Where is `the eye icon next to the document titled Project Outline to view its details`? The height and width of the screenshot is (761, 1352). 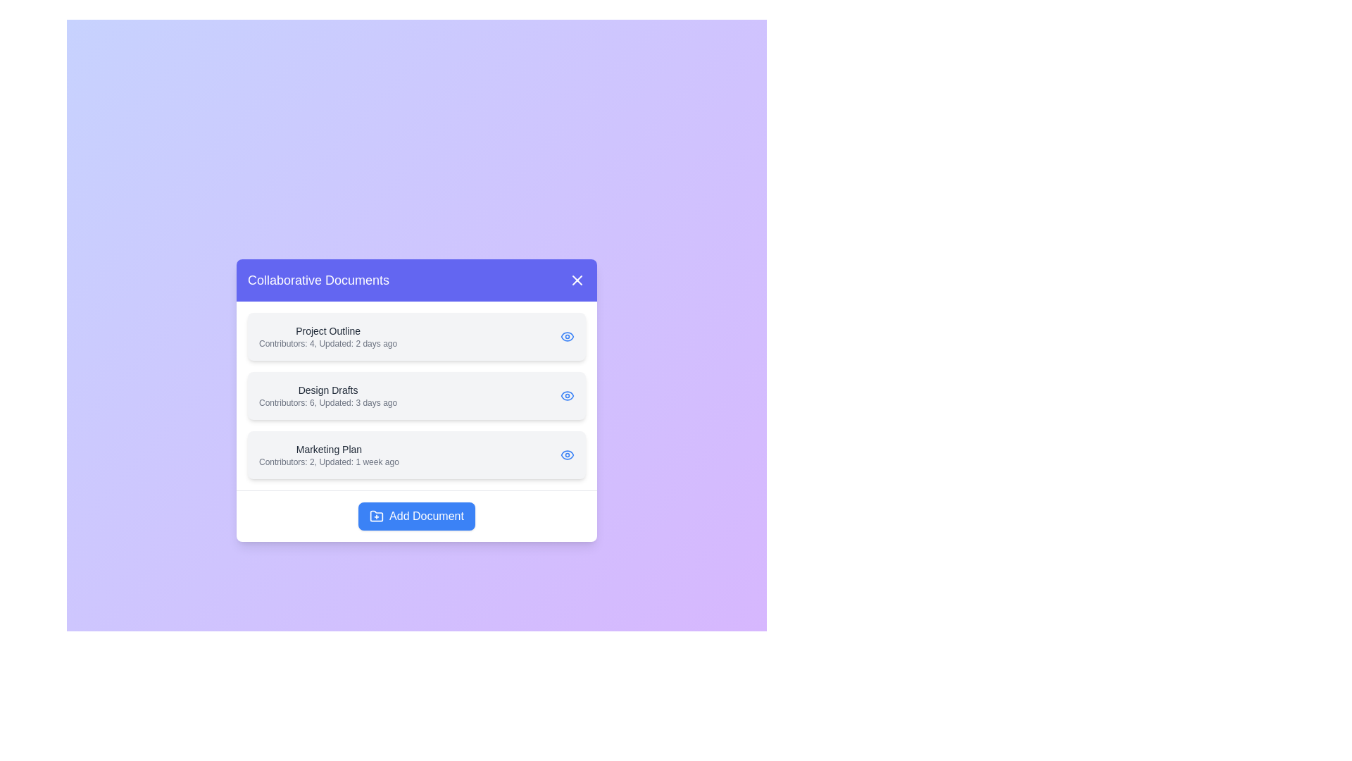
the eye icon next to the document titled Project Outline to view its details is located at coordinates (568, 336).